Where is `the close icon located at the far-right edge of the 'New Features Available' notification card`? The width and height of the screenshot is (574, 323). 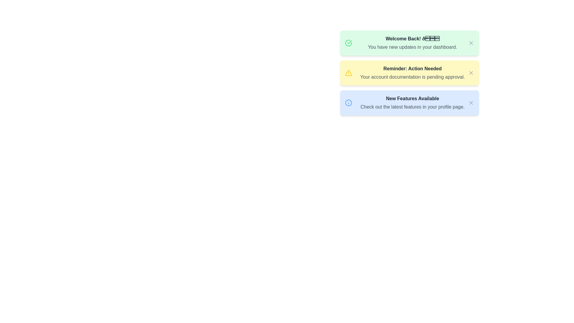
the close icon located at the far-right edge of the 'New Features Available' notification card is located at coordinates (471, 102).